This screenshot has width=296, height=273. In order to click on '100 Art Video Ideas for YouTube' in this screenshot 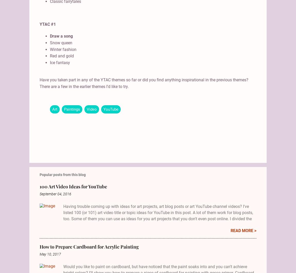, I will do `click(73, 186)`.